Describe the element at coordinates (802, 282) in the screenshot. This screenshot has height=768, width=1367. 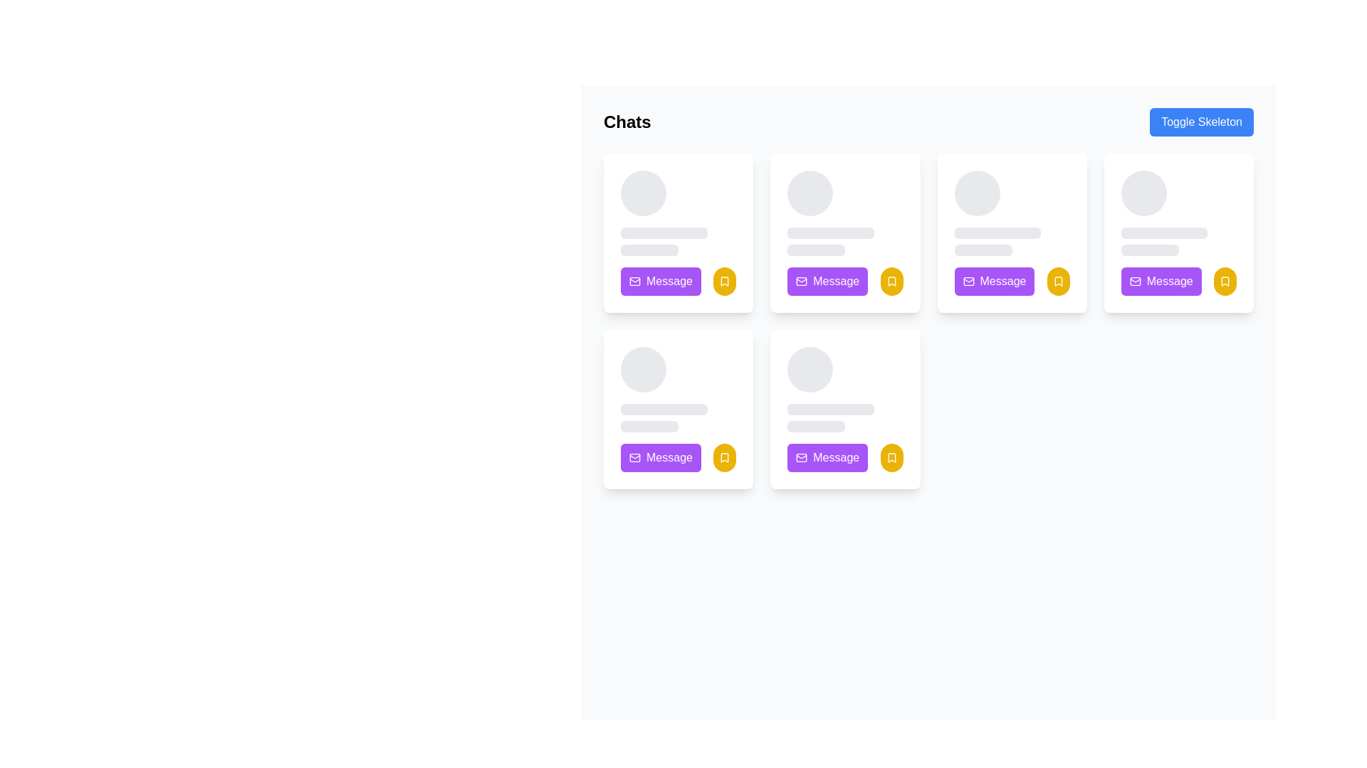
I see `the messaging icon located at the center-left of the purple 'Message' button in the lower section of a user card in the second column of the first row to interact with it` at that location.